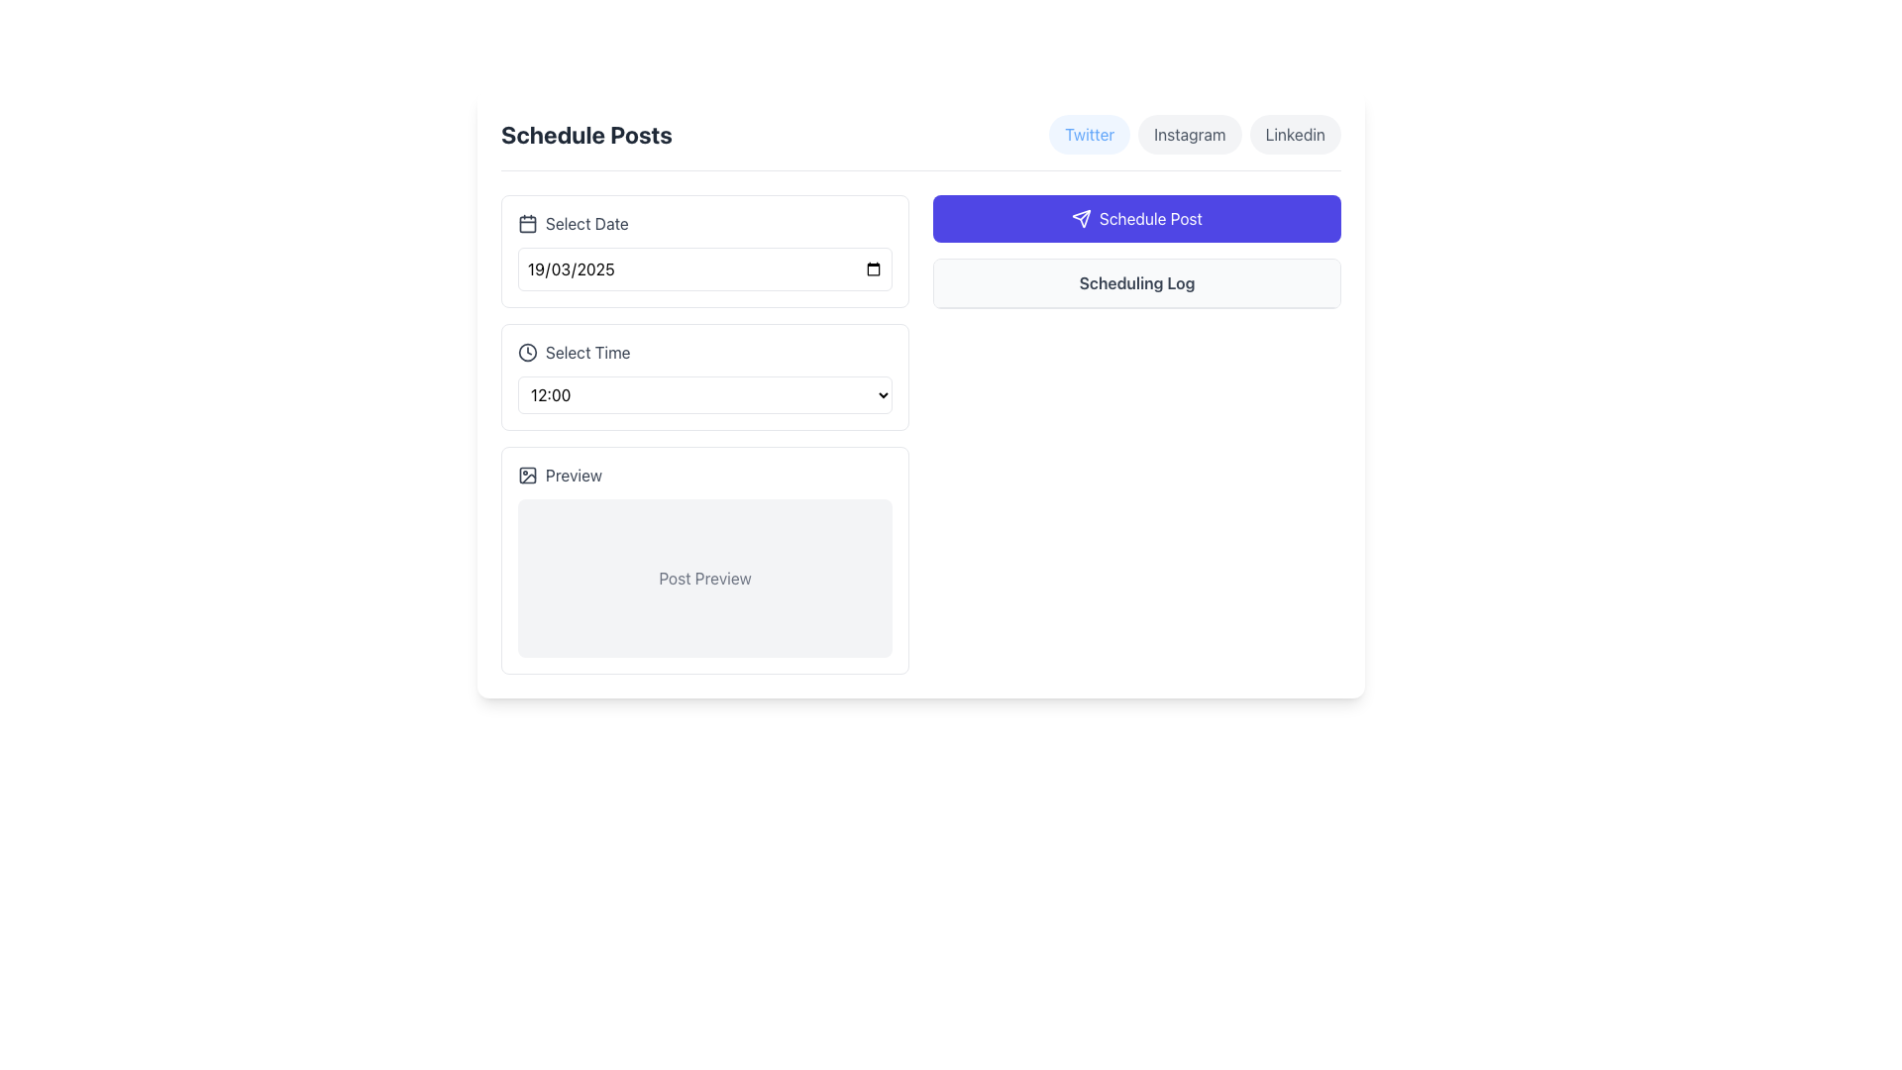 The width and height of the screenshot is (1902, 1070). What do you see at coordinates (704, 578) in the screenshot?
I see `the 'Post Preview' box, which is a rectangular element with rounded corners and a light gray background, located below the 'Preview' text and icon` at bounding box center [704, 578].